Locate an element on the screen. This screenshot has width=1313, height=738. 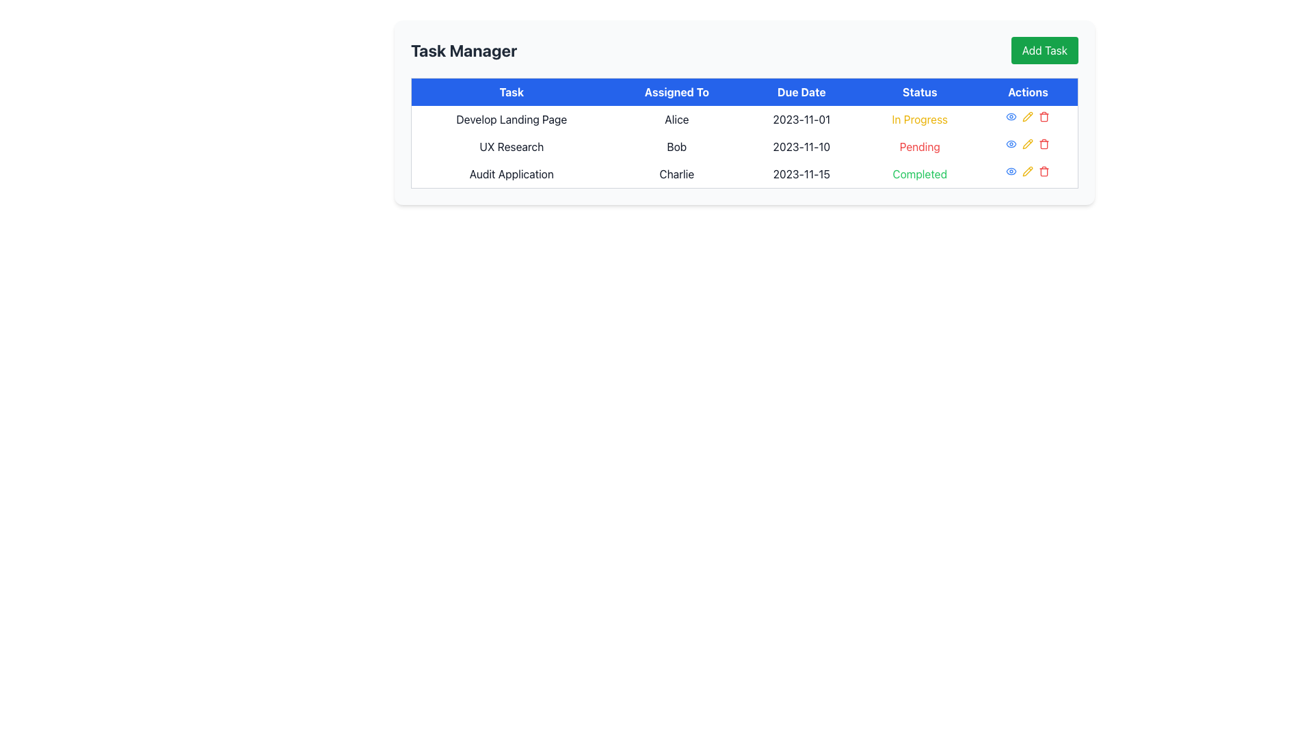
the Label indicating the completion status of the task 'Audit Application', which is the last entry in the 'Status' column of the table is located at coordinates (920, 174).